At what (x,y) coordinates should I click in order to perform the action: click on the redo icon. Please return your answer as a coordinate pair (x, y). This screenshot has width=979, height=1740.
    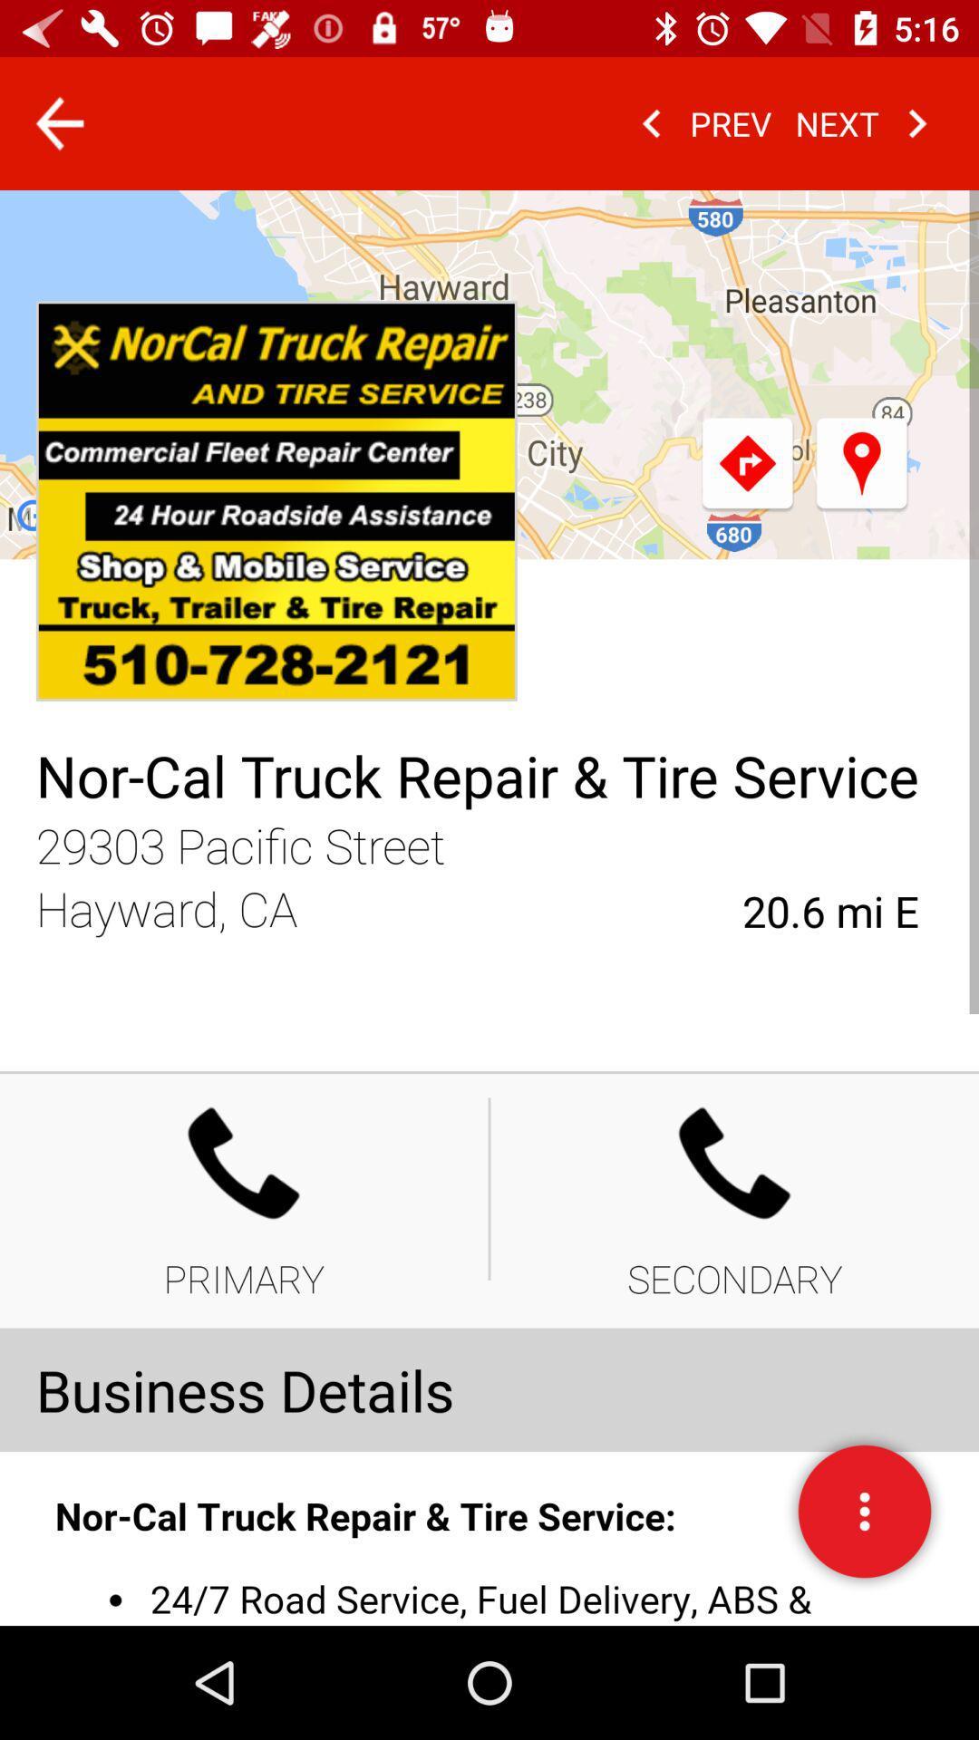
    Looking at the image, I should click on (748, 463).